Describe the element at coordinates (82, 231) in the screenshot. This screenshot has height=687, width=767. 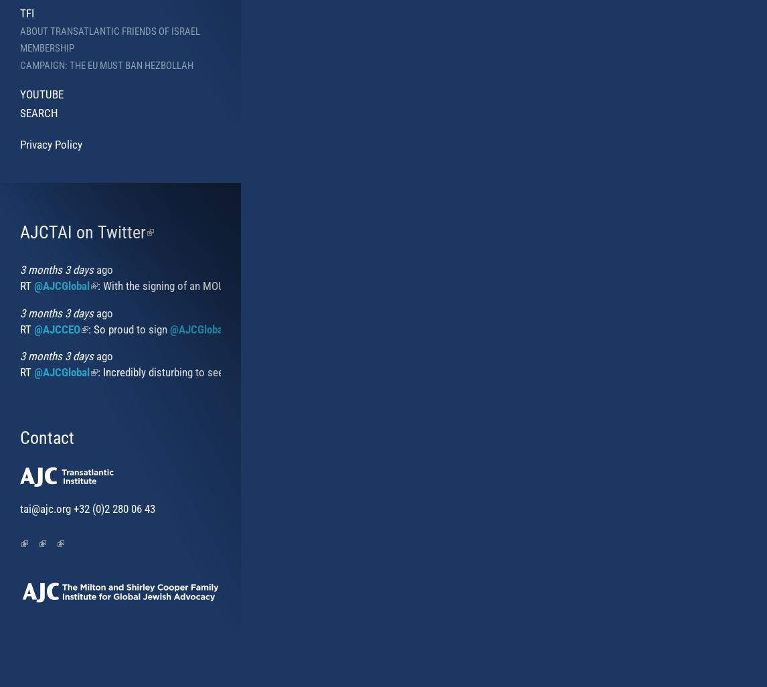
I see `'AJCTAI on Twitter'` at that location.